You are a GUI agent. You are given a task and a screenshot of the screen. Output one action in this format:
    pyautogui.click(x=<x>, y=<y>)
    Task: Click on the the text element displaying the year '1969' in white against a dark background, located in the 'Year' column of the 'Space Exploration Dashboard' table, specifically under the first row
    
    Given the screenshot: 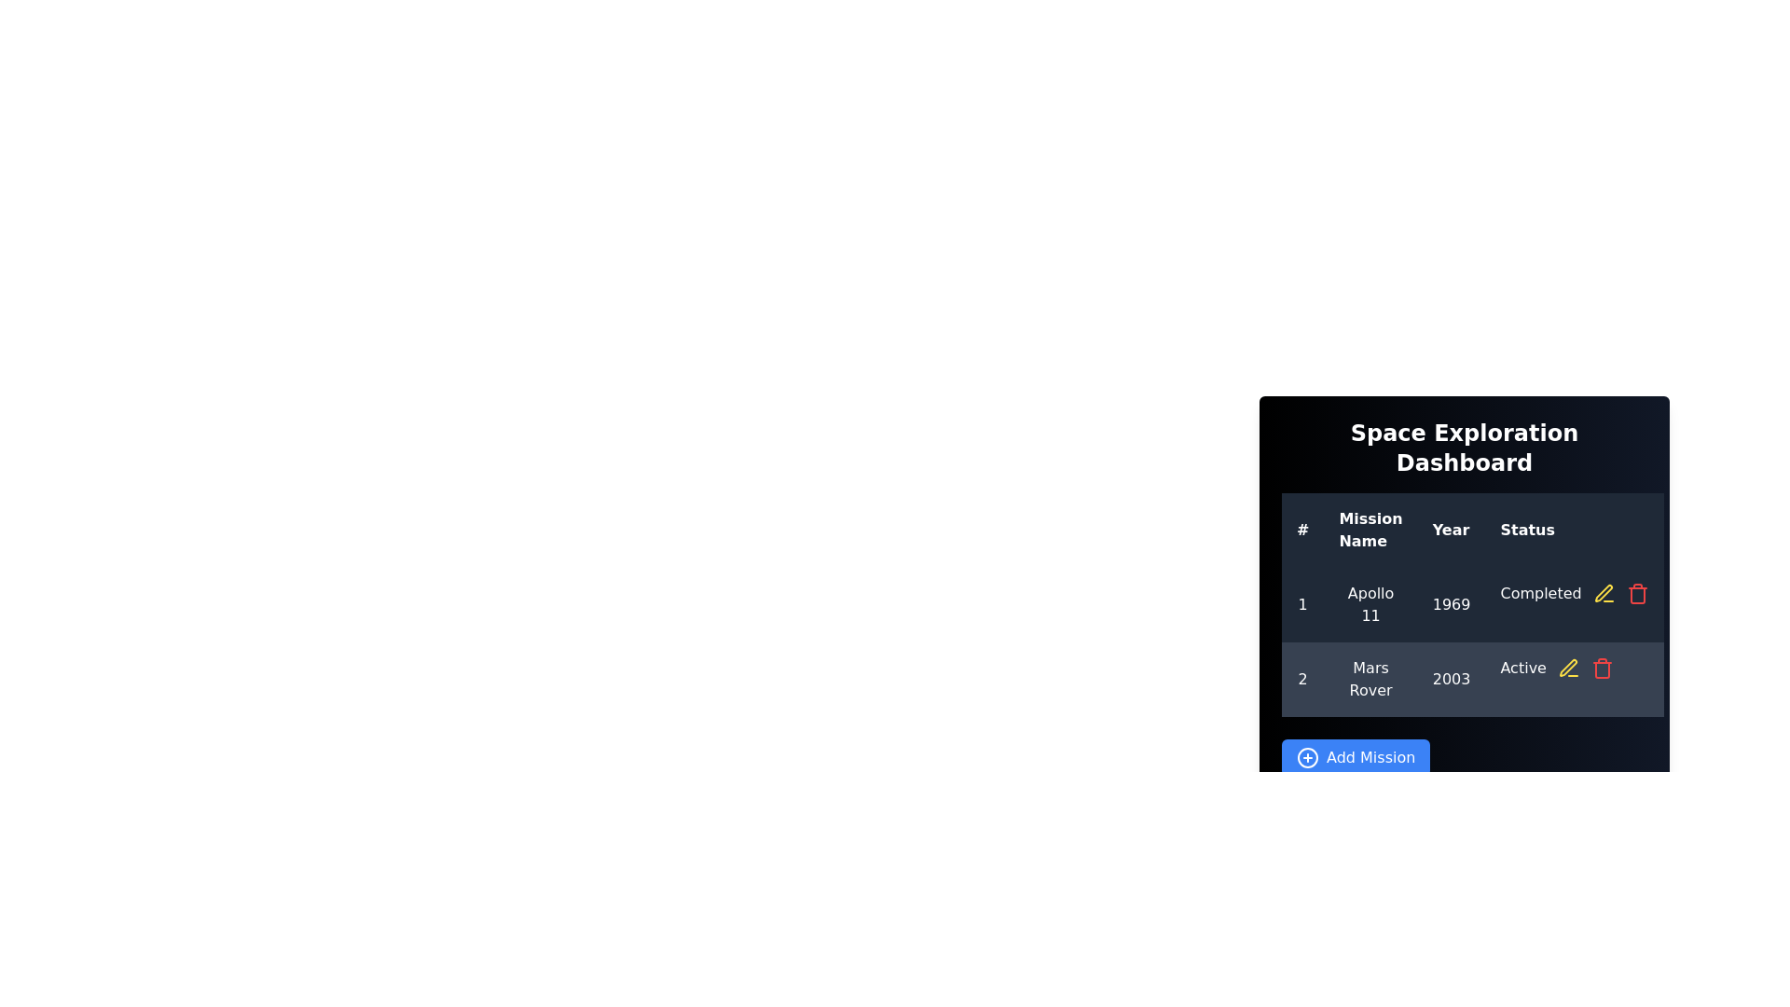 What is the action you would take?
    pyautogui.click(x=1451, y=604)
    